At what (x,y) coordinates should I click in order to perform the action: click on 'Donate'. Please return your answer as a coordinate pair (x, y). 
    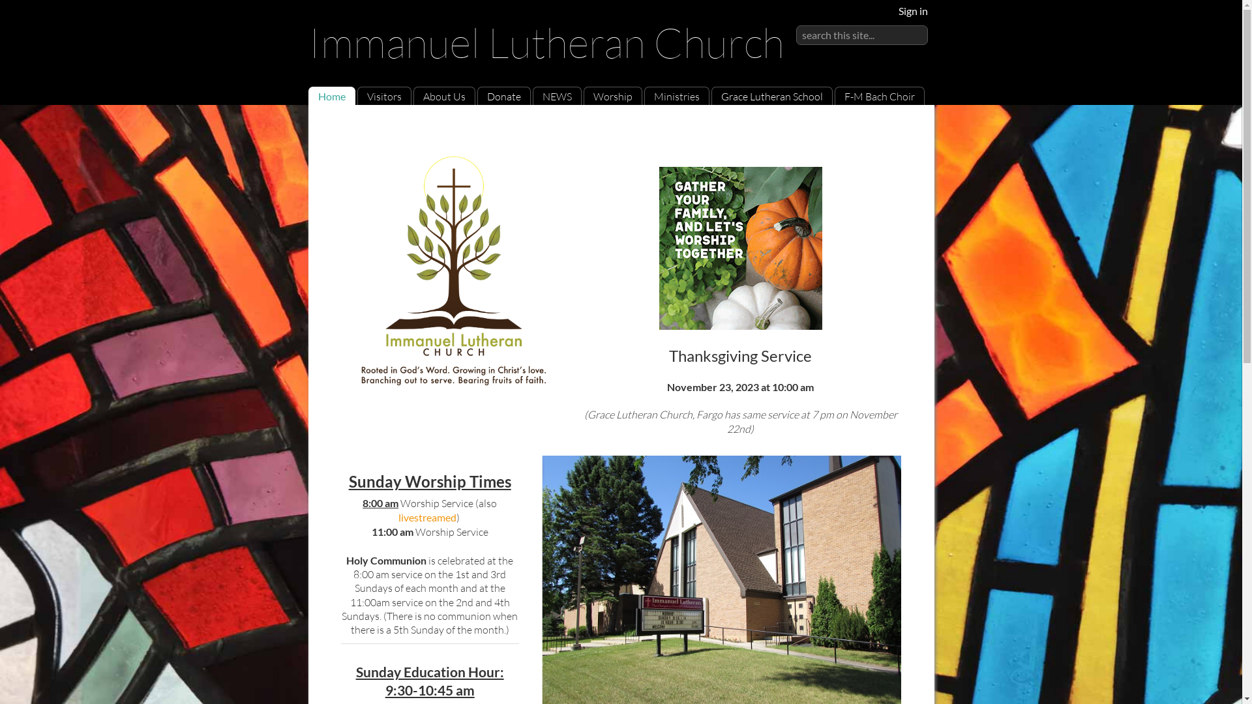
    Looking at the image, I should click on (503, 95).